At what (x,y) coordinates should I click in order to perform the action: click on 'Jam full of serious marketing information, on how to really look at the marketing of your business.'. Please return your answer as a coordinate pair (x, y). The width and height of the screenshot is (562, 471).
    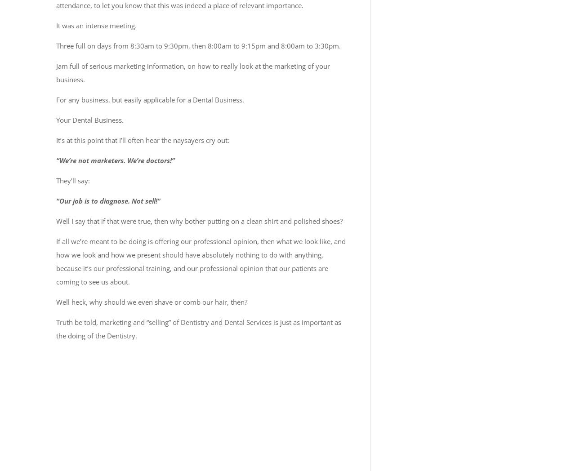
    Looking at the image, I should click on (193, 73).